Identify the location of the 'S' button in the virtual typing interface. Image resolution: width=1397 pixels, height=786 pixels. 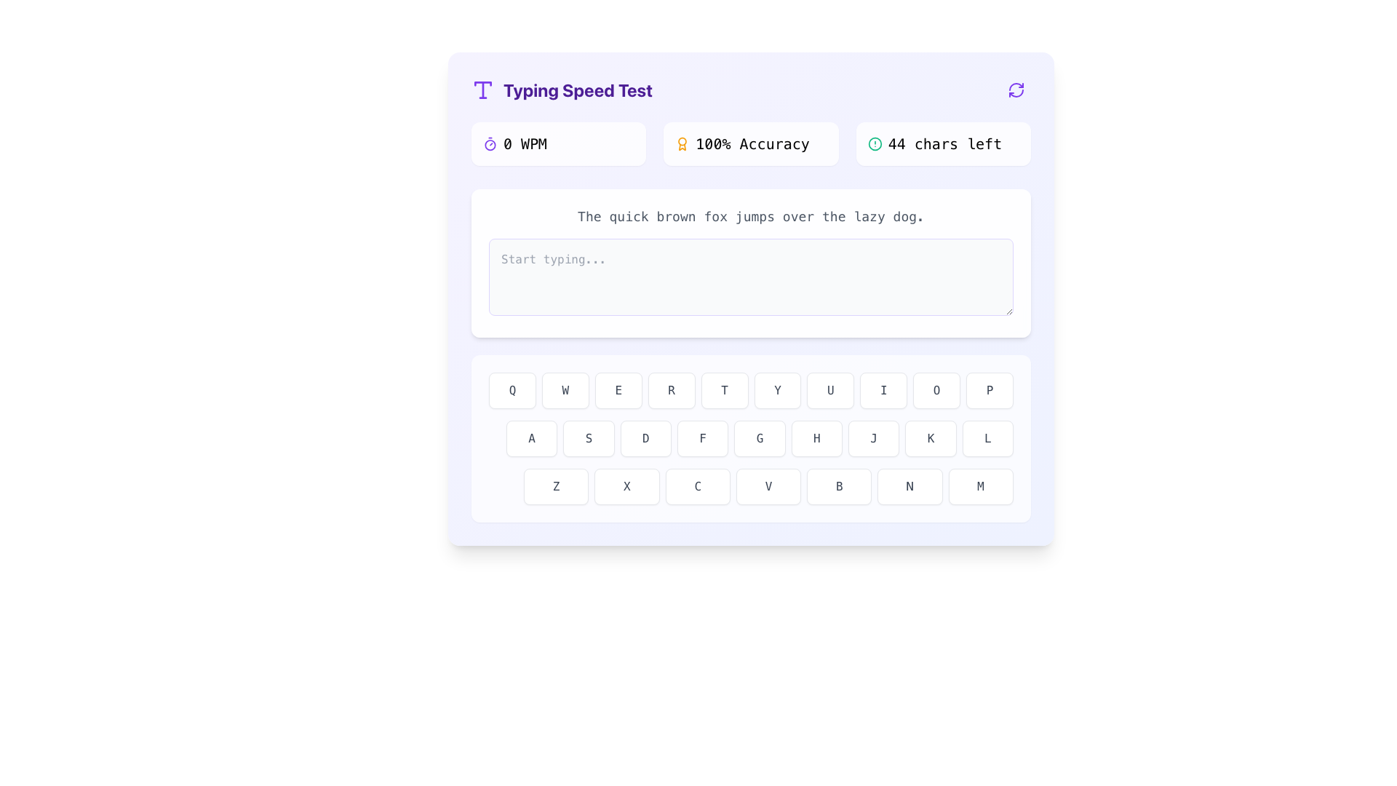
(589, 437).